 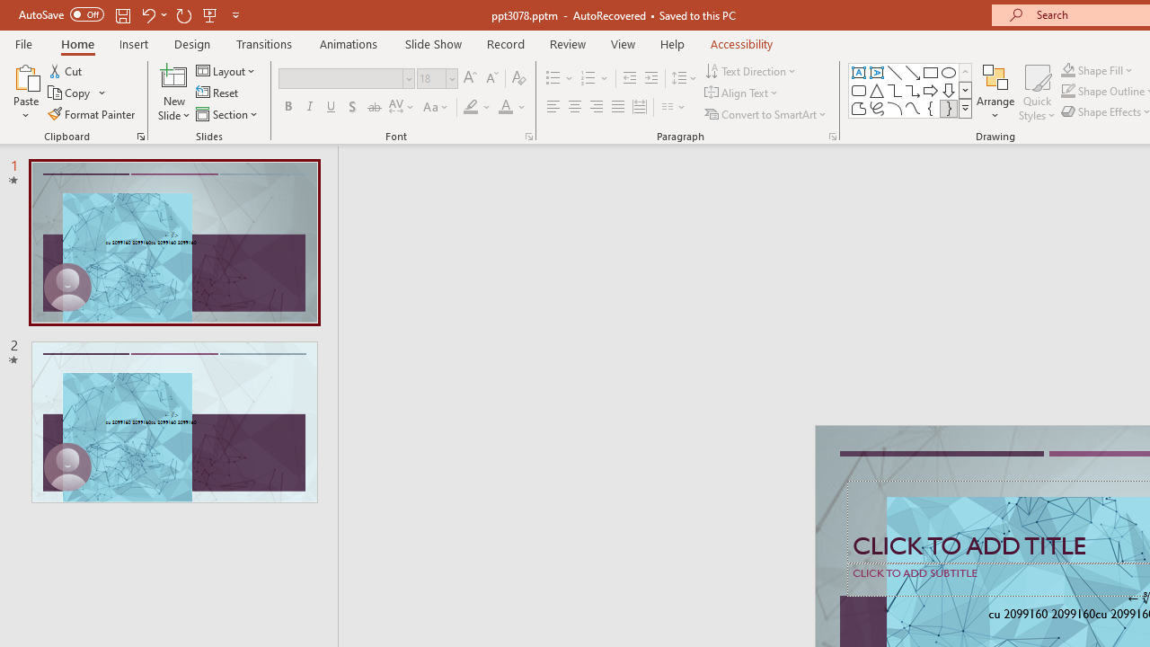 What do you see at coordinates (931, 72) in the screenshot?
I see `'Rectangle'` at bounding box center [931, 72].